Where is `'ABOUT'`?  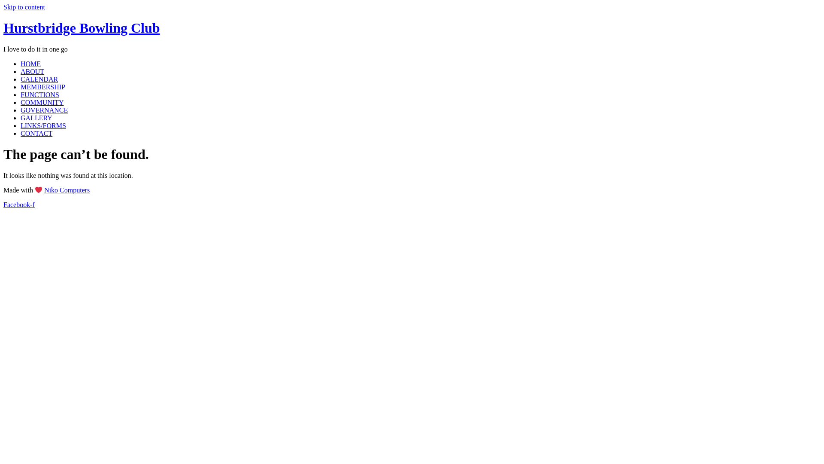
'ABOUT' is located at coordinates (32, 71).